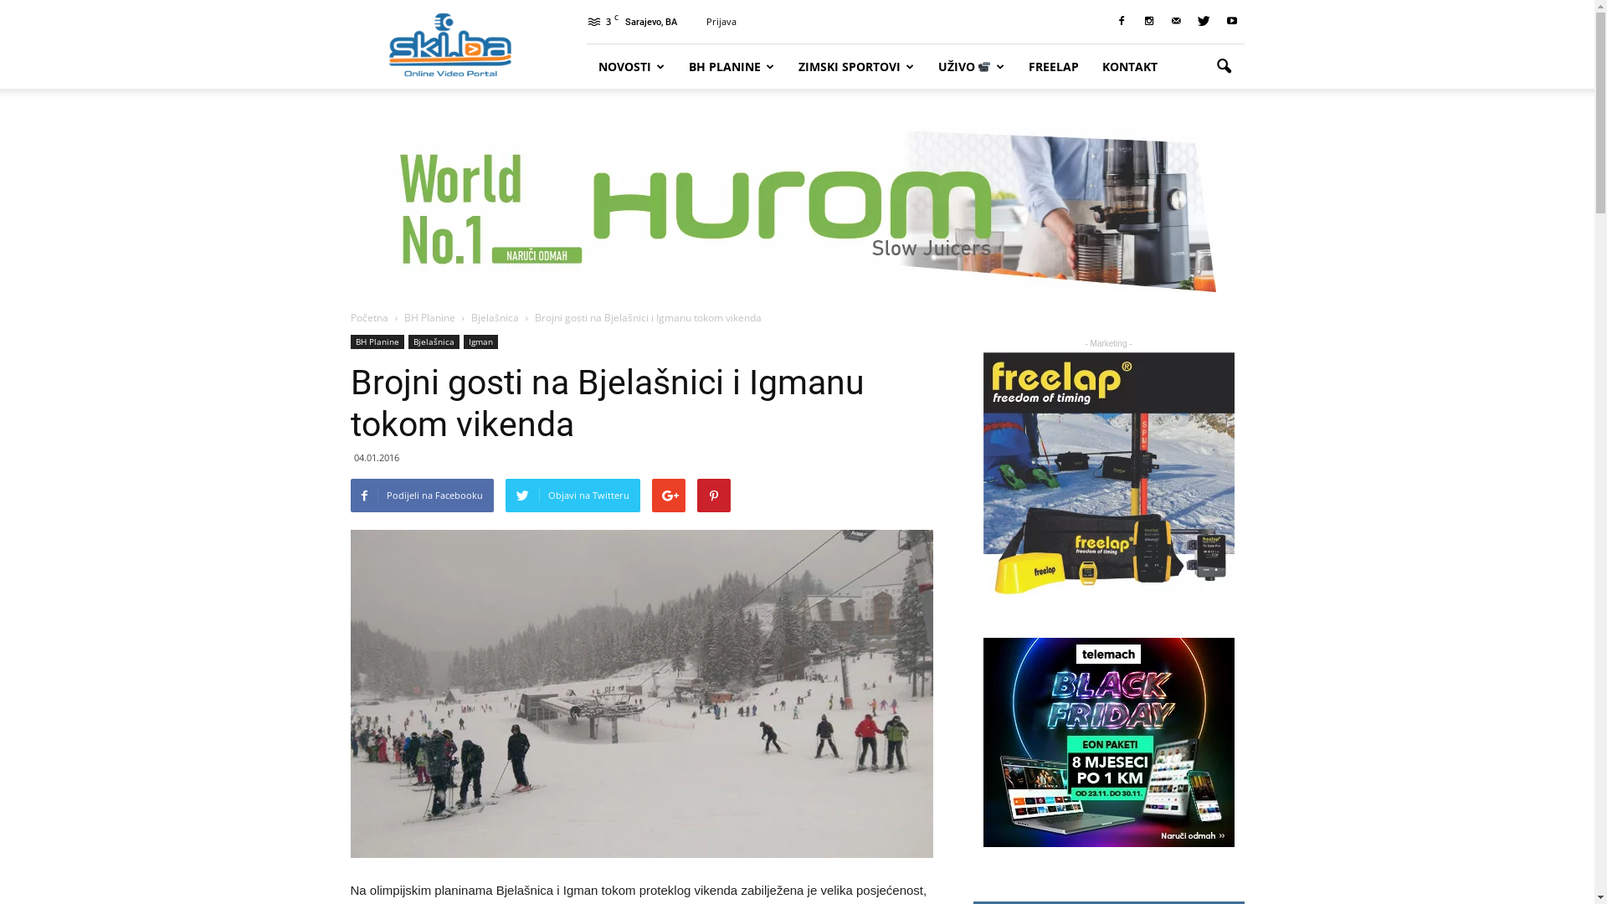 This screenshot has height=904, width=1607. What do you see at coordinates (1121, 22) in the screenshot?
I see `'Facebook'` at bounding box center [1121, 22].